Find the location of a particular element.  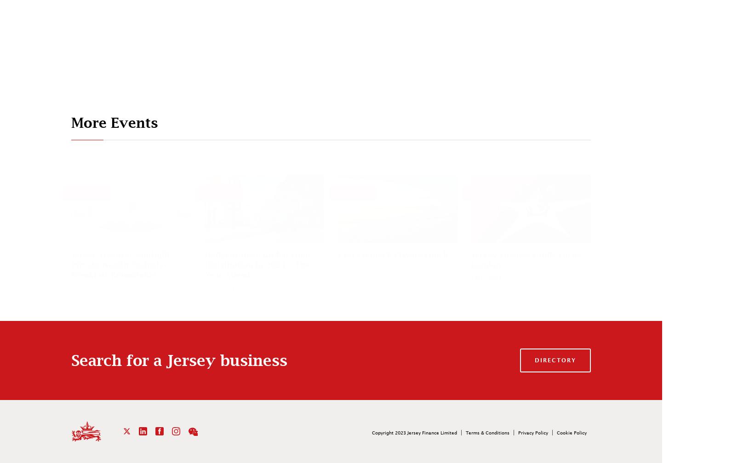

'Cookie Policy' is located at coordinates (572, 432).